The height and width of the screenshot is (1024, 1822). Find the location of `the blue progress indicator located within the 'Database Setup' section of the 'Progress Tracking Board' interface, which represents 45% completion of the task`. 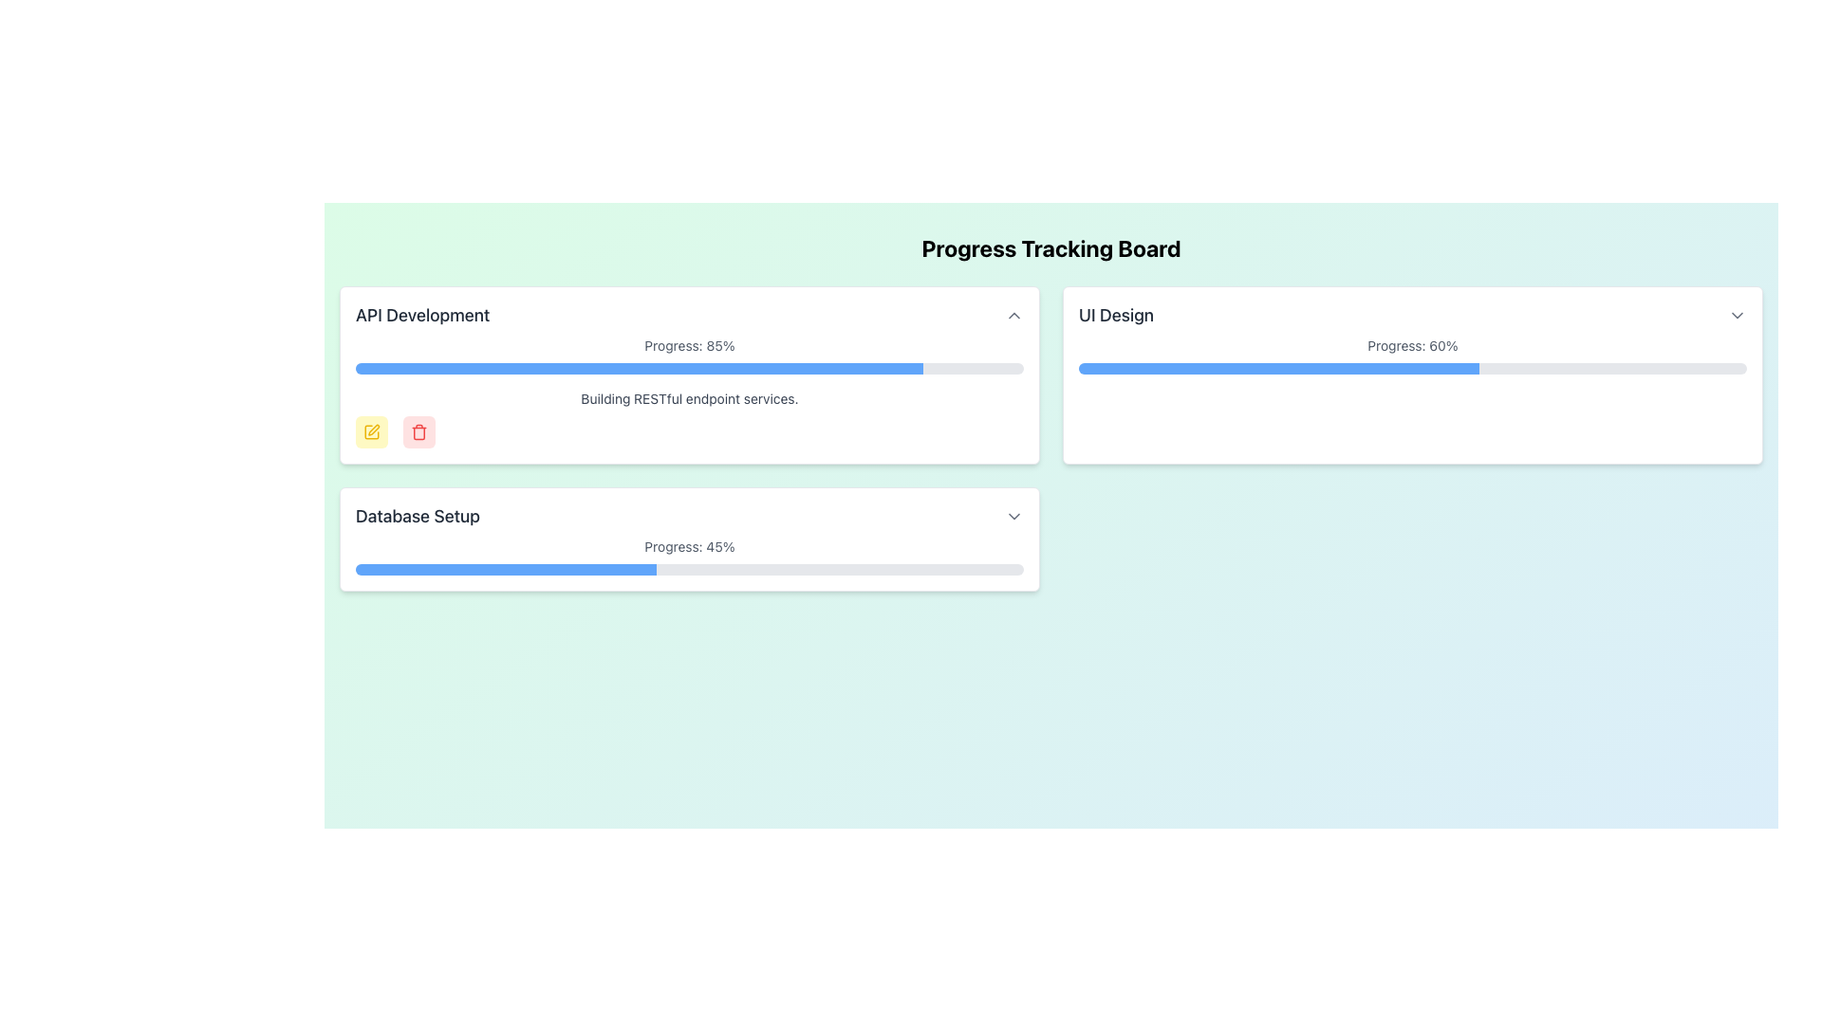

the blue progress indicator located within the 'Database Setup' section of the 'Progress Tracking Board' interface, which represents 45% completion of the task is located at coordinates (506, 569).